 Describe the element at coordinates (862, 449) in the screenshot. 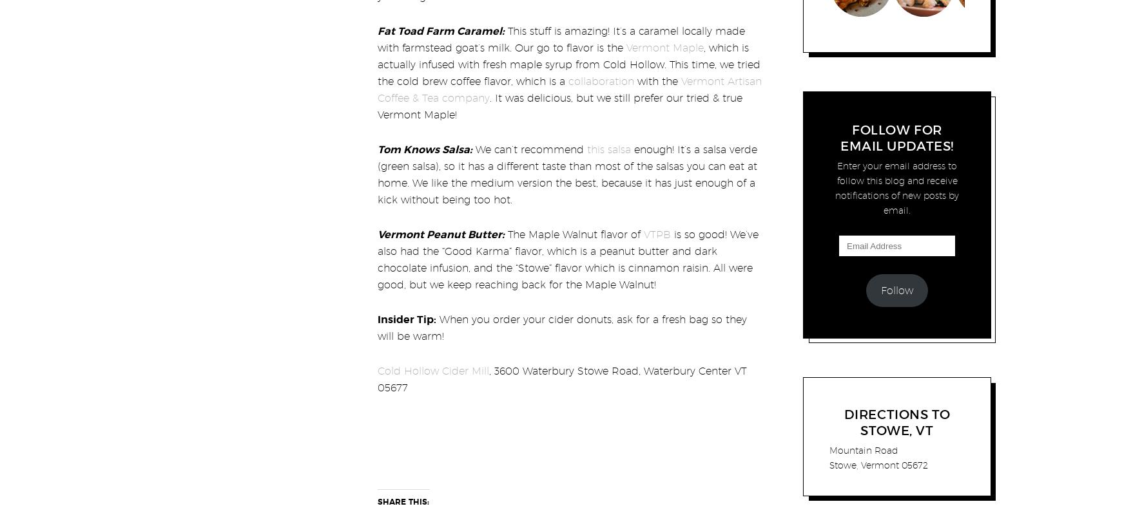

I see `'Mountain Road'` at that location.